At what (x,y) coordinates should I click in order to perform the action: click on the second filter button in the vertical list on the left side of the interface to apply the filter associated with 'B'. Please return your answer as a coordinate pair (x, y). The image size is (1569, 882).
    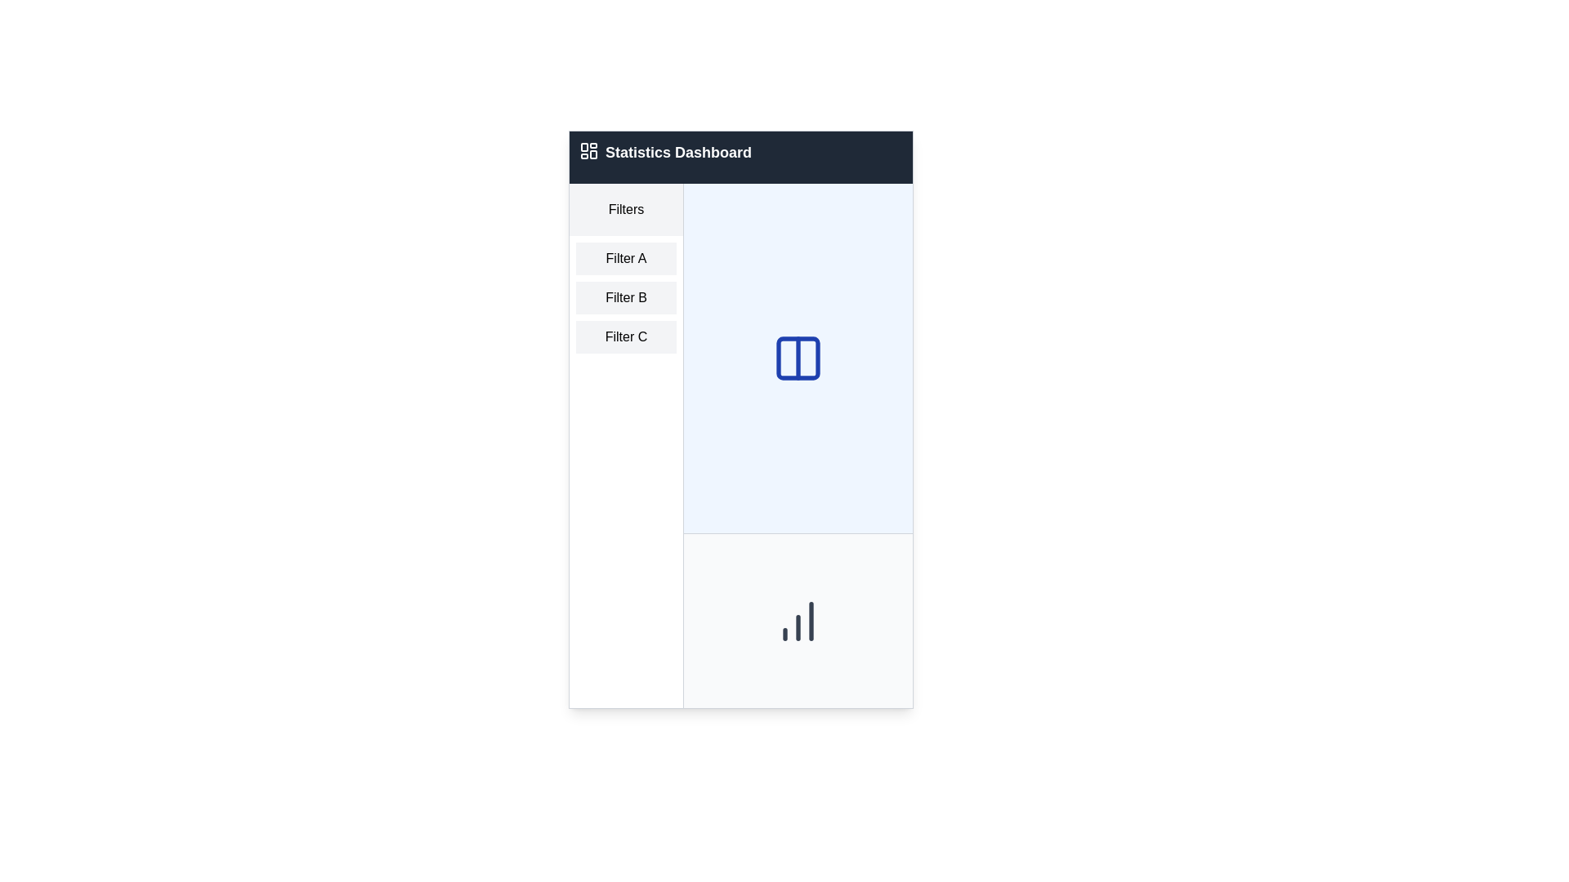
    Looking at the image, I should click on (625, 298).